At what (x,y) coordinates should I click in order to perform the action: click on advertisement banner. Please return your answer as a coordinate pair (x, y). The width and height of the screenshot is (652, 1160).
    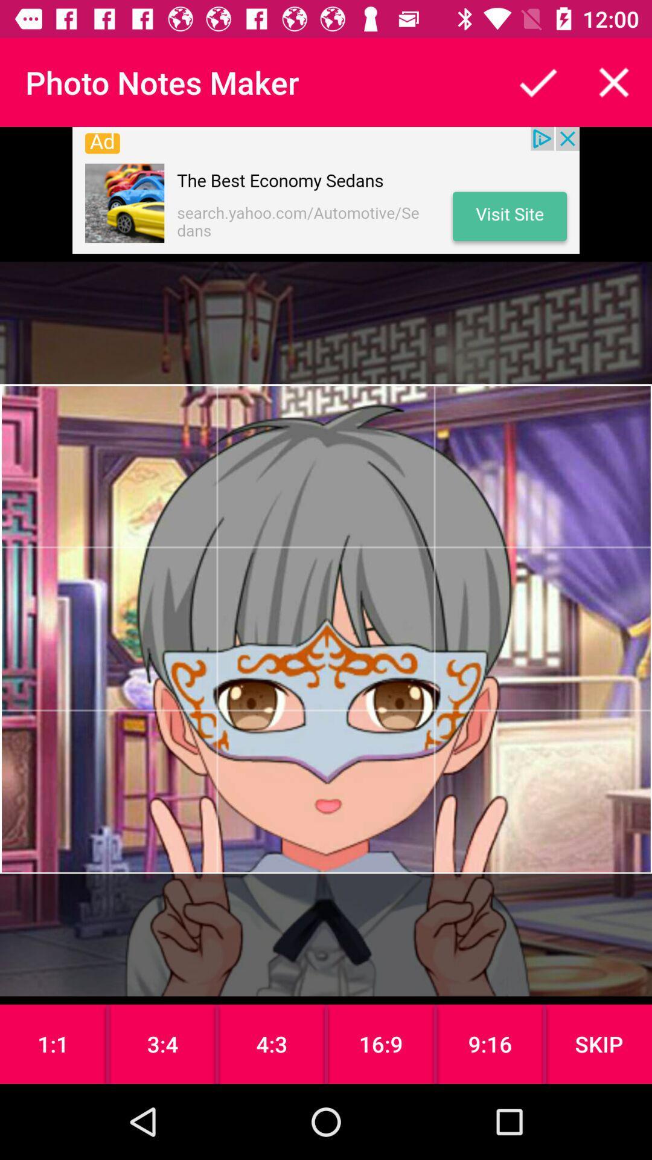
    Looking at the image, I should click on (326, 190).